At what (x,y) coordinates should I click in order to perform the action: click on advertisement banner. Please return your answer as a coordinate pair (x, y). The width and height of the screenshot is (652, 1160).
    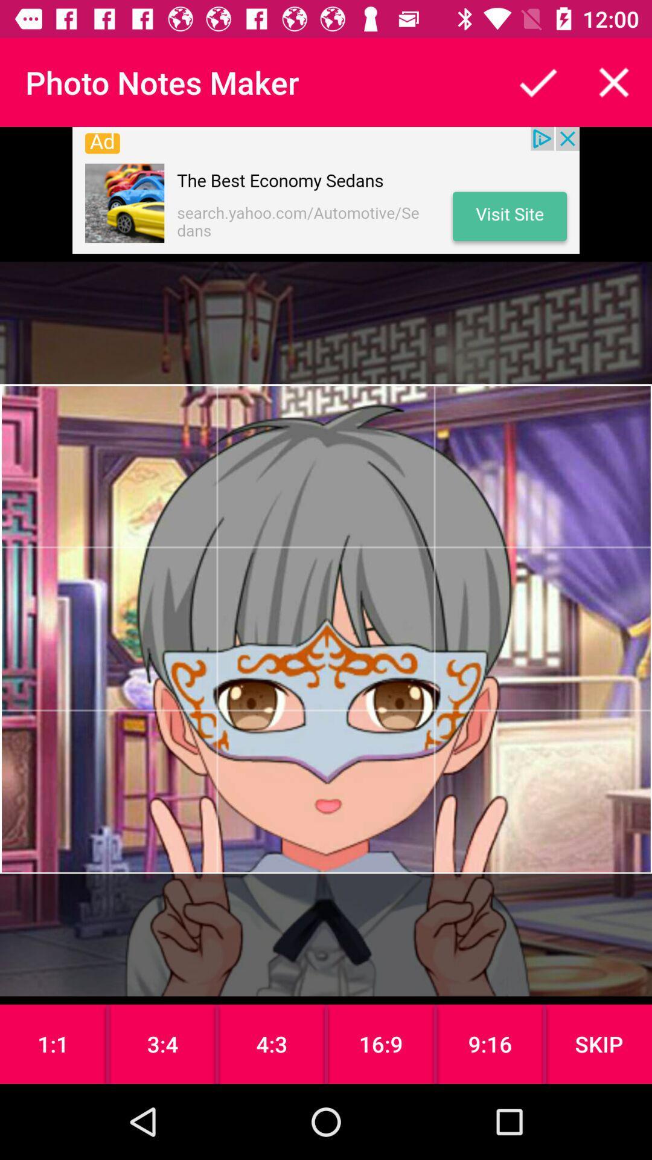
    Looking at the image, I should click on (326, 190).